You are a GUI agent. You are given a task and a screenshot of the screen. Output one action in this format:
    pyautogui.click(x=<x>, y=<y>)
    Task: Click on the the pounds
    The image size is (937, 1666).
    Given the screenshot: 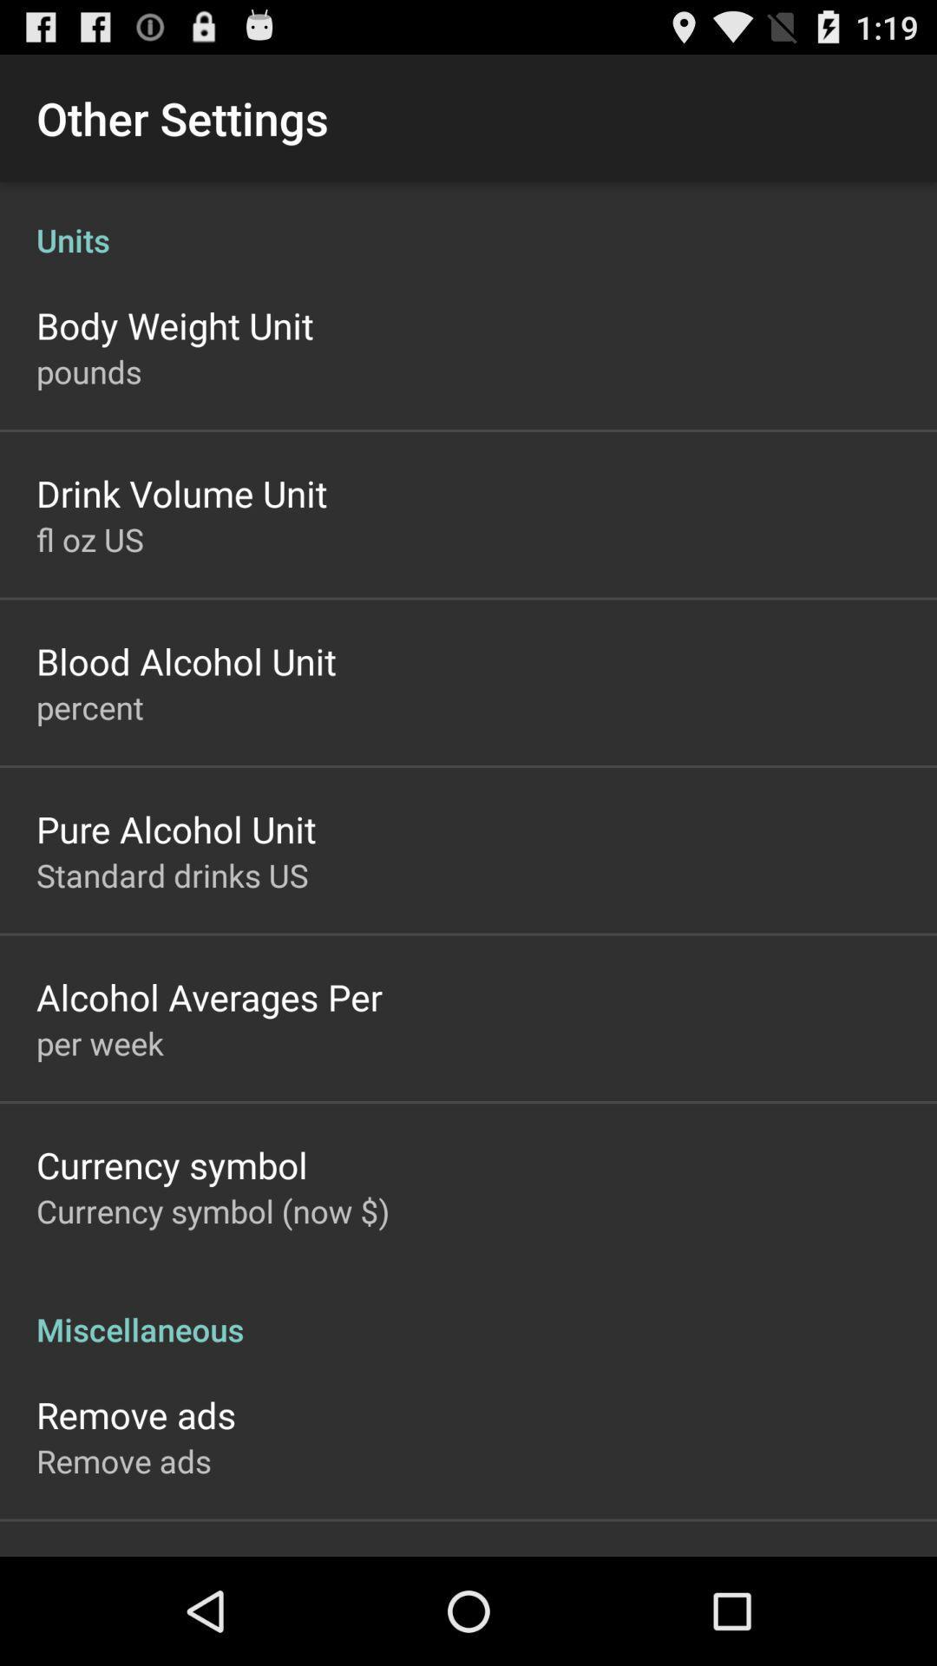 What is the action you would take?
    pyautogui.click(x=88, y=371)
    